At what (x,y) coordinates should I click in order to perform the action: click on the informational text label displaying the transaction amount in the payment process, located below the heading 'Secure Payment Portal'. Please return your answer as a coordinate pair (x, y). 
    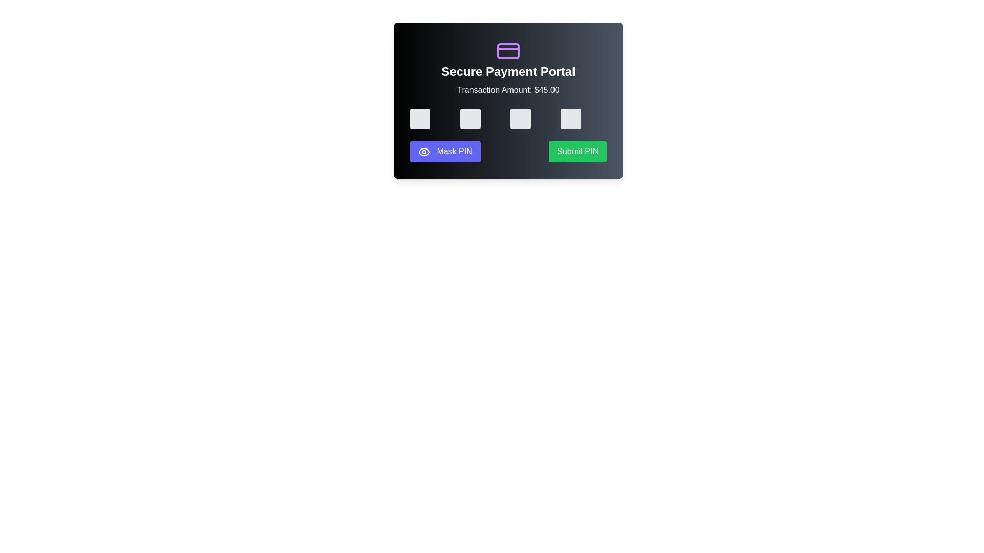
    Looking at the image, I should click on (508, 90).